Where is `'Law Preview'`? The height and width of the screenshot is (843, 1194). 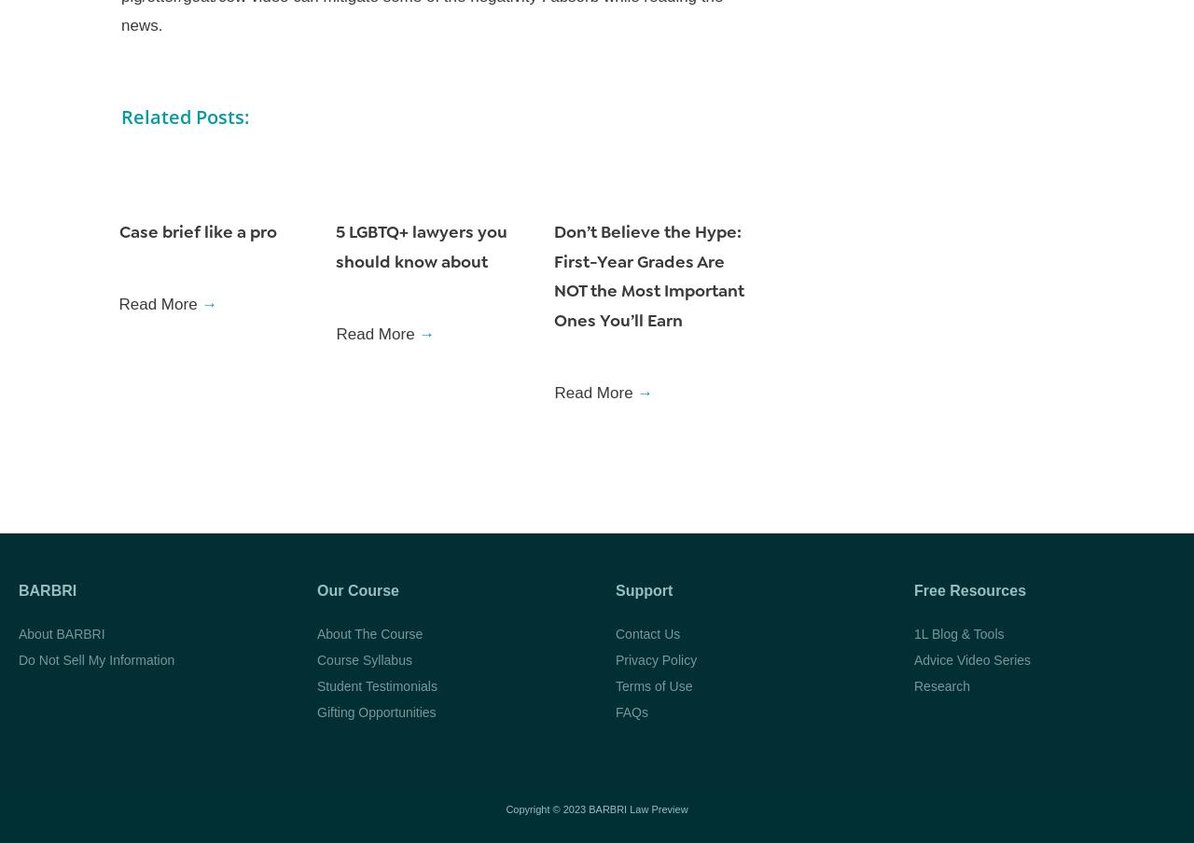
'Law Preview' is located at coordinates (659, 808).